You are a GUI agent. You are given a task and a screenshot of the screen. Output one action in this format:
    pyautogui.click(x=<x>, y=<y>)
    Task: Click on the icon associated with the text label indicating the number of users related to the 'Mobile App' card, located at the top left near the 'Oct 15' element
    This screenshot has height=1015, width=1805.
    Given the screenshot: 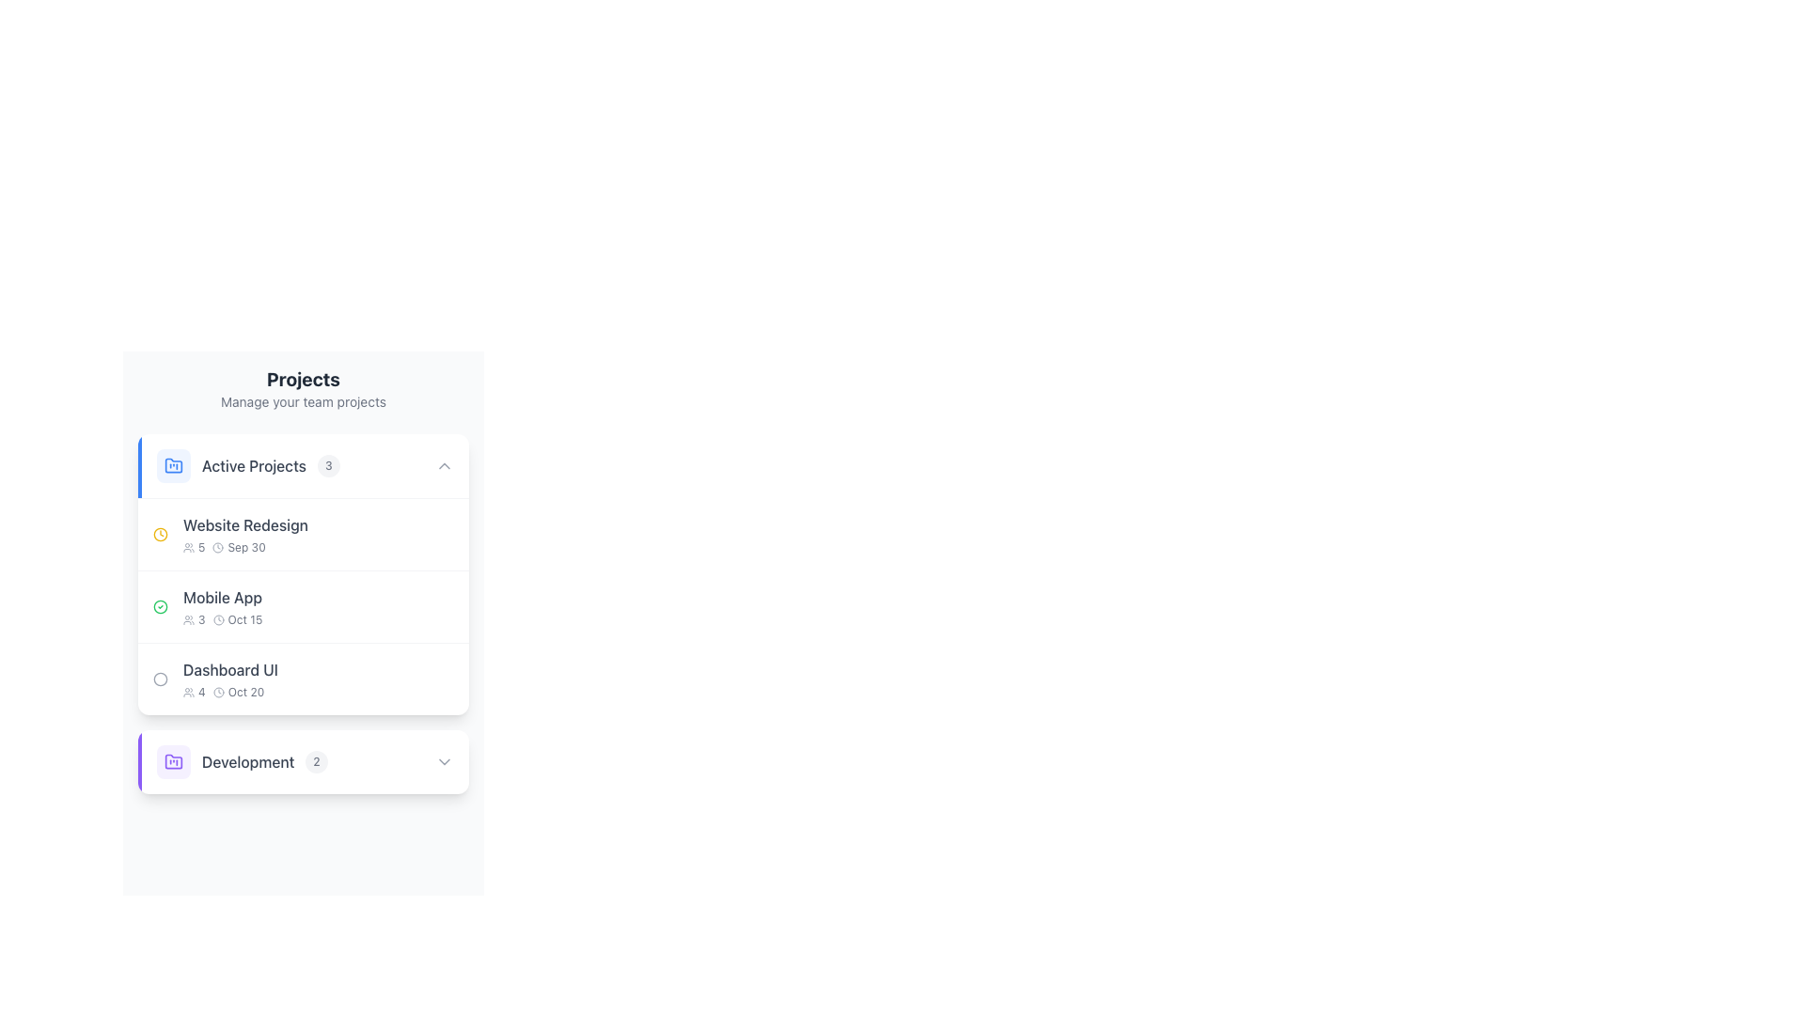 What is the action you would take?
    pyautogui.click(x=194, y=619)
    